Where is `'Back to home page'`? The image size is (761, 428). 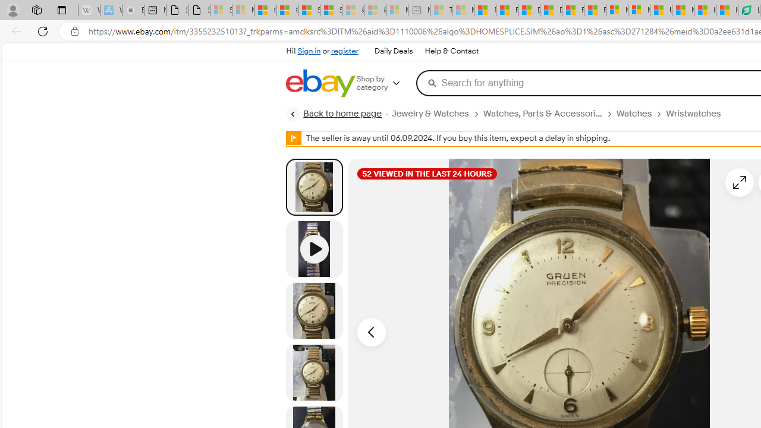 'Back to home page' is located at coordinates (333, 114).